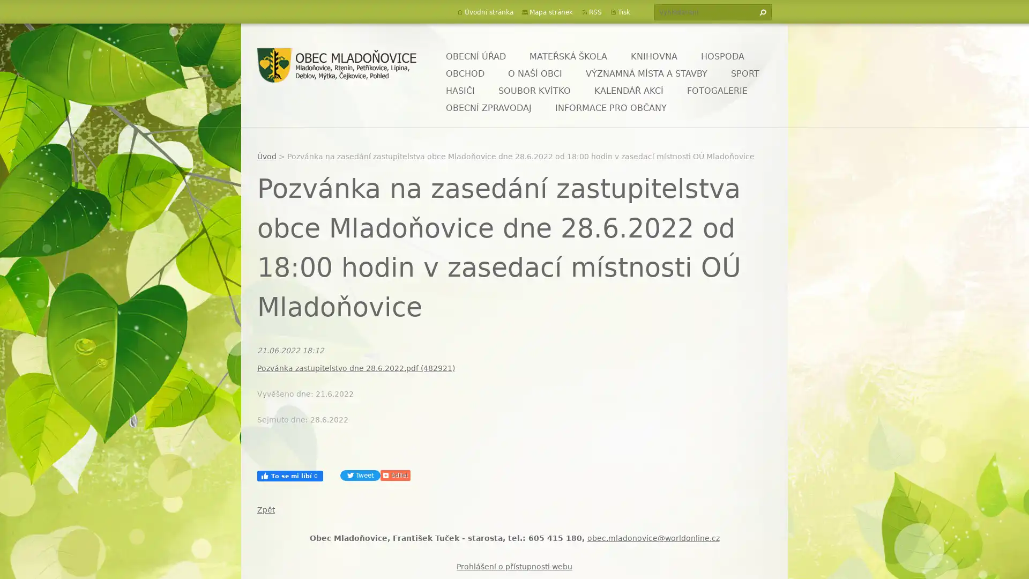 The height and width of the screenshot is (579, 1029). What do you see at coordinates (760, 12) in the screenshot?
I see `Hledat` at bounding box center [760, 12].